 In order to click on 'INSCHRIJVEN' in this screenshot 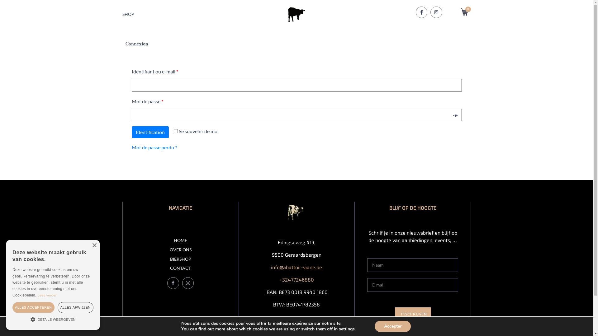, I will do `click(413, 314)`.